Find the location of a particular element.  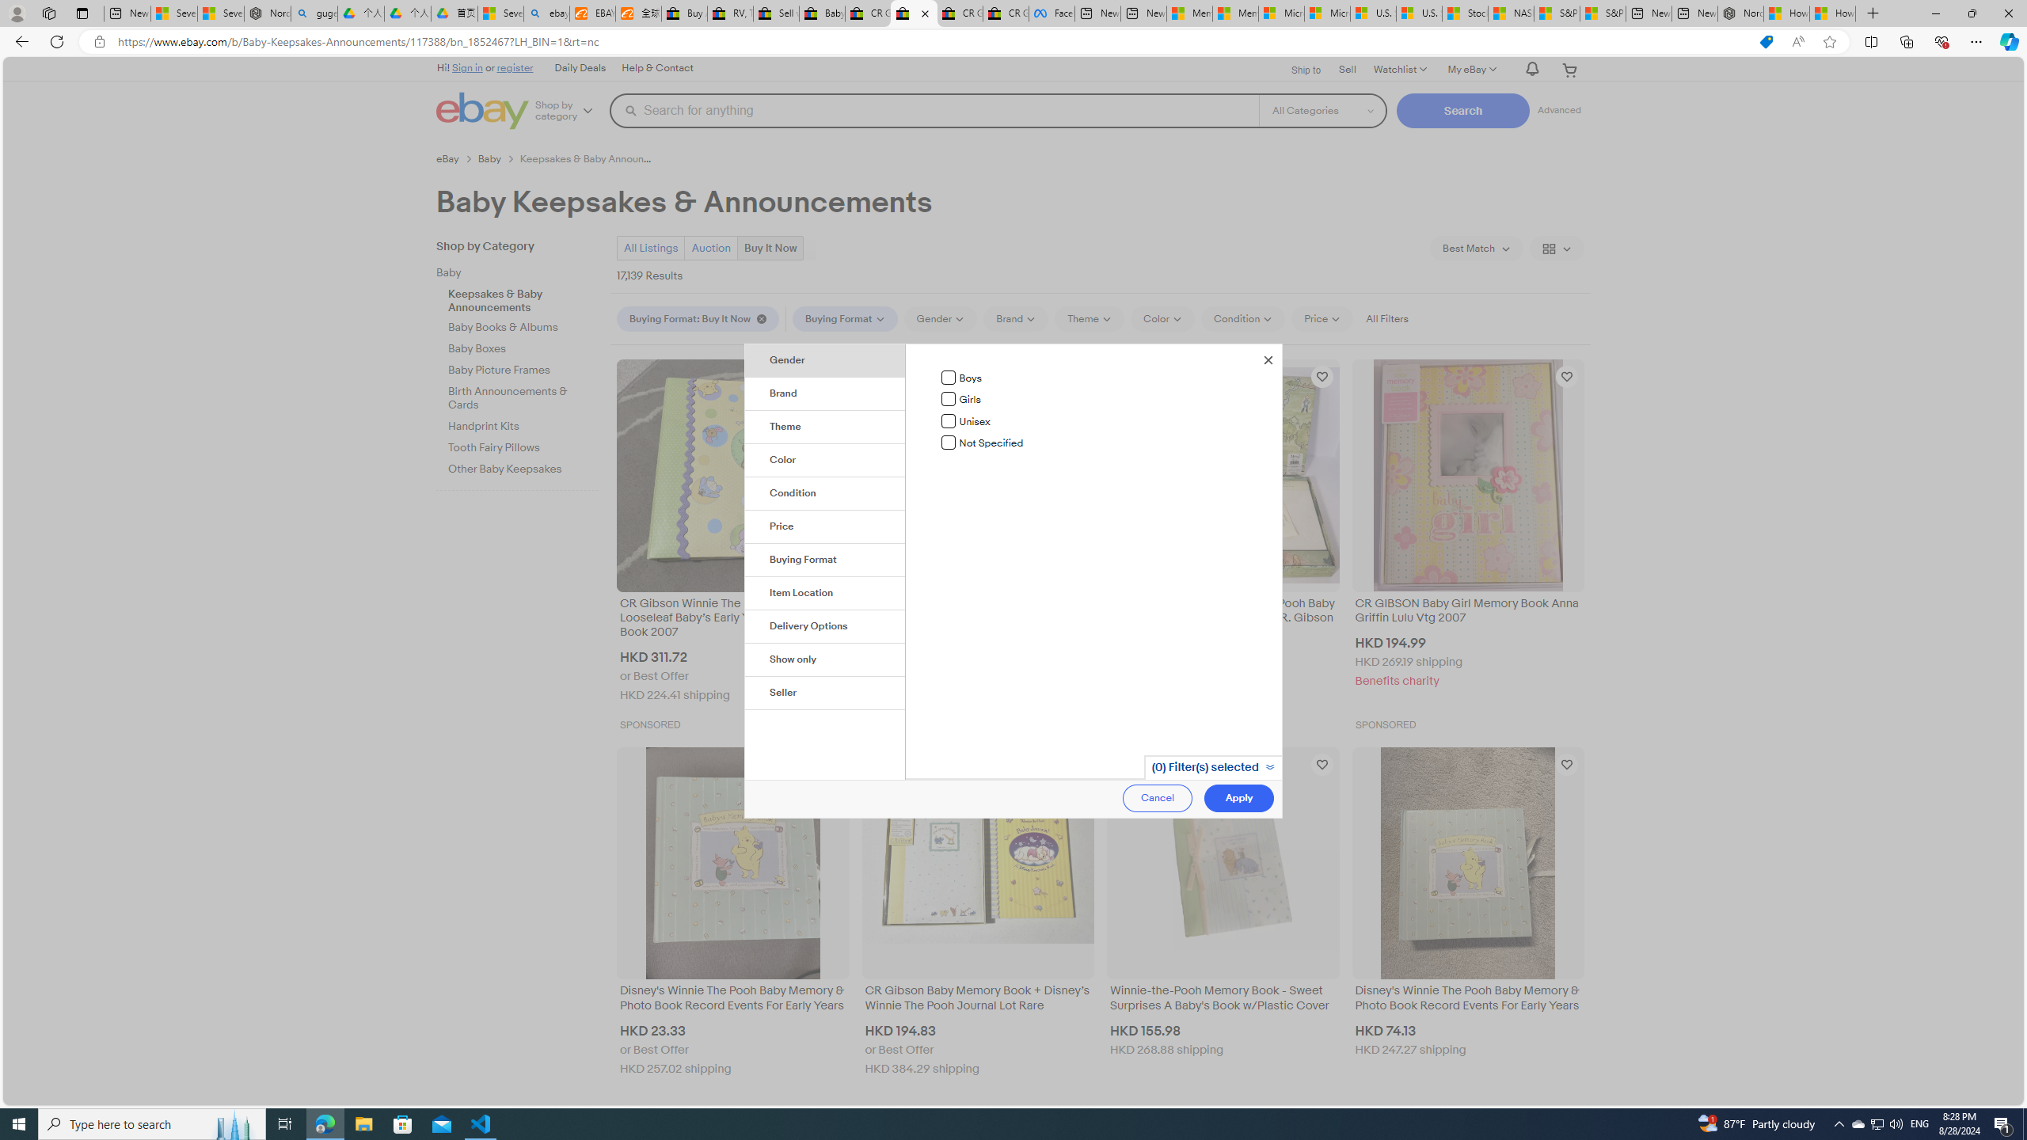

'Read aloud this page (Ctrl+Shift+U)' is located at coordinates (1797, 42).